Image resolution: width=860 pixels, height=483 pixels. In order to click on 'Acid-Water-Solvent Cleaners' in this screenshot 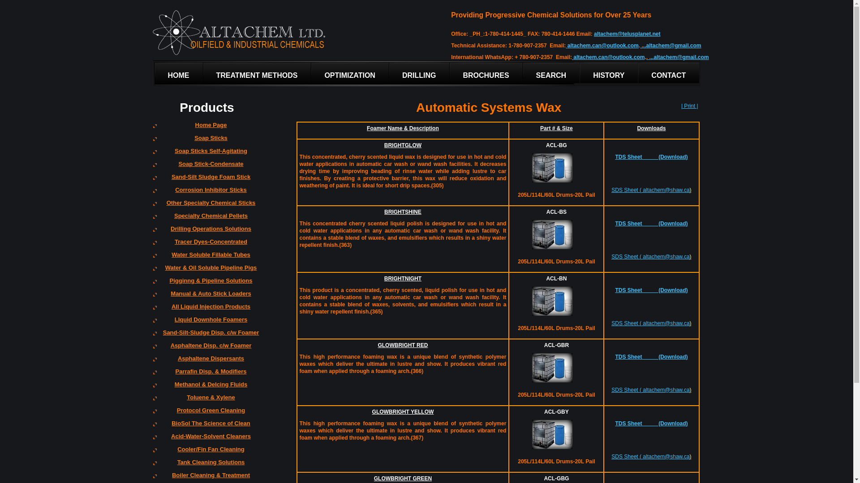, I will do `click(206, 439)`.